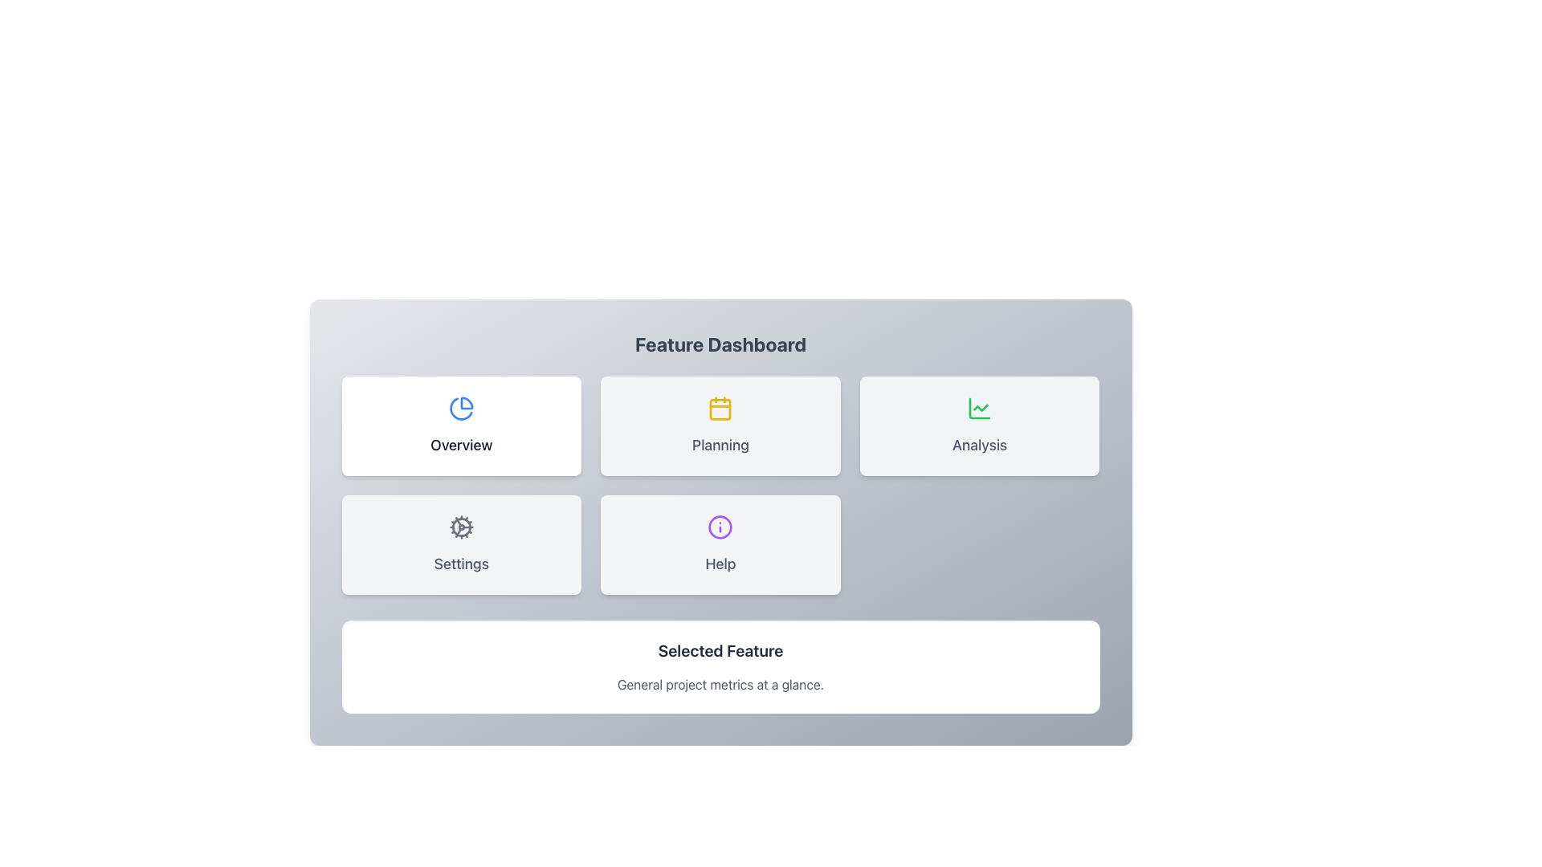 Image resolution: width=1542 pixels, height=867 pixels. Describe the element at coordinates (460, 408) in the screenshot. I see `the 'Overview' icon located at the center-top part of the 'Overview' card in the top-left section of the dashboard interface` at that location.